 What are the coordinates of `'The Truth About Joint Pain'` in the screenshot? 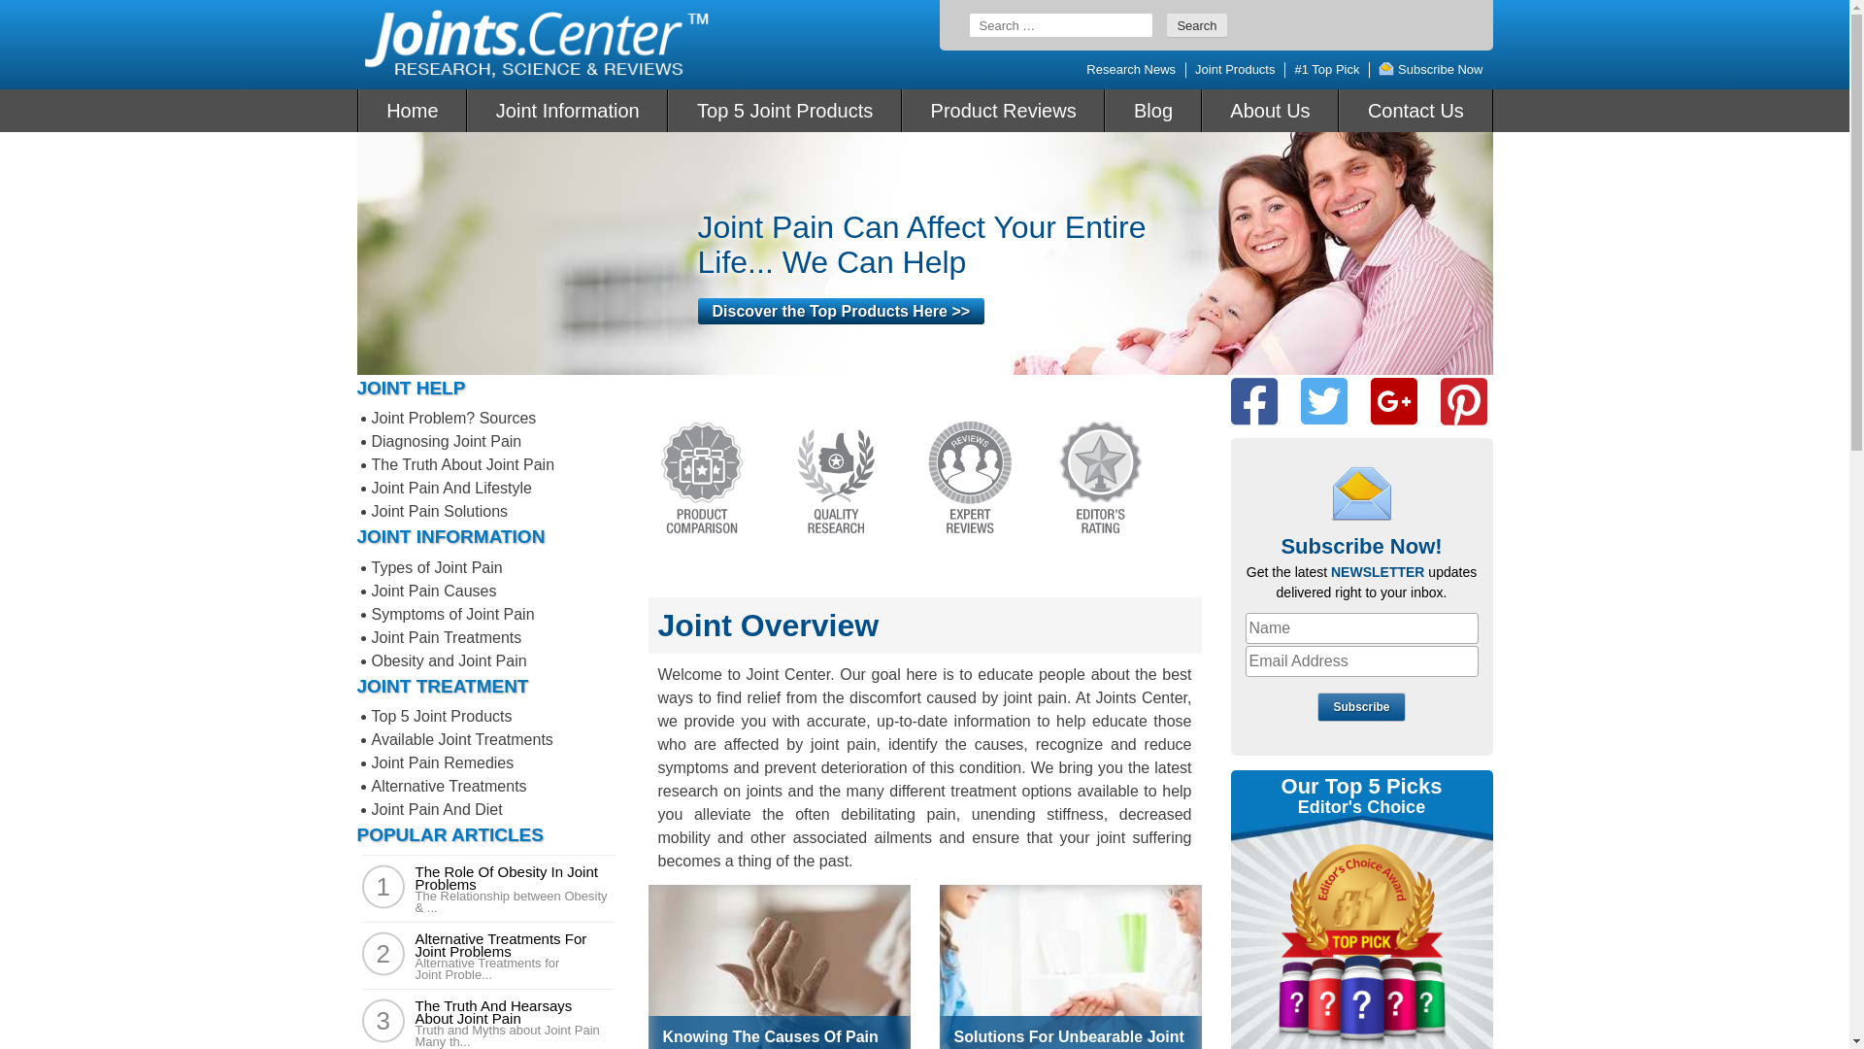 It's located at (461, 464).